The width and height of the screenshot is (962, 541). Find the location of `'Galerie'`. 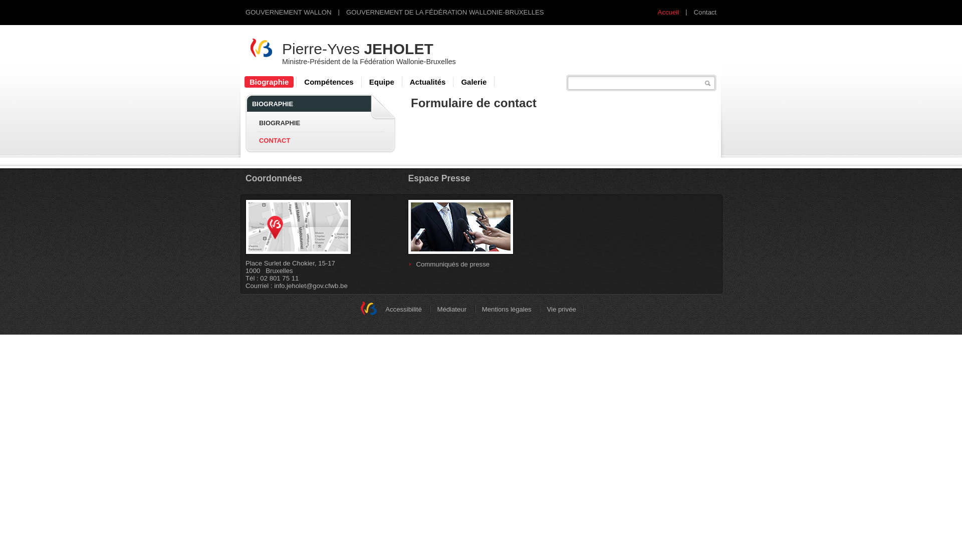

'Galerie' is located at coordinates (473, 81).